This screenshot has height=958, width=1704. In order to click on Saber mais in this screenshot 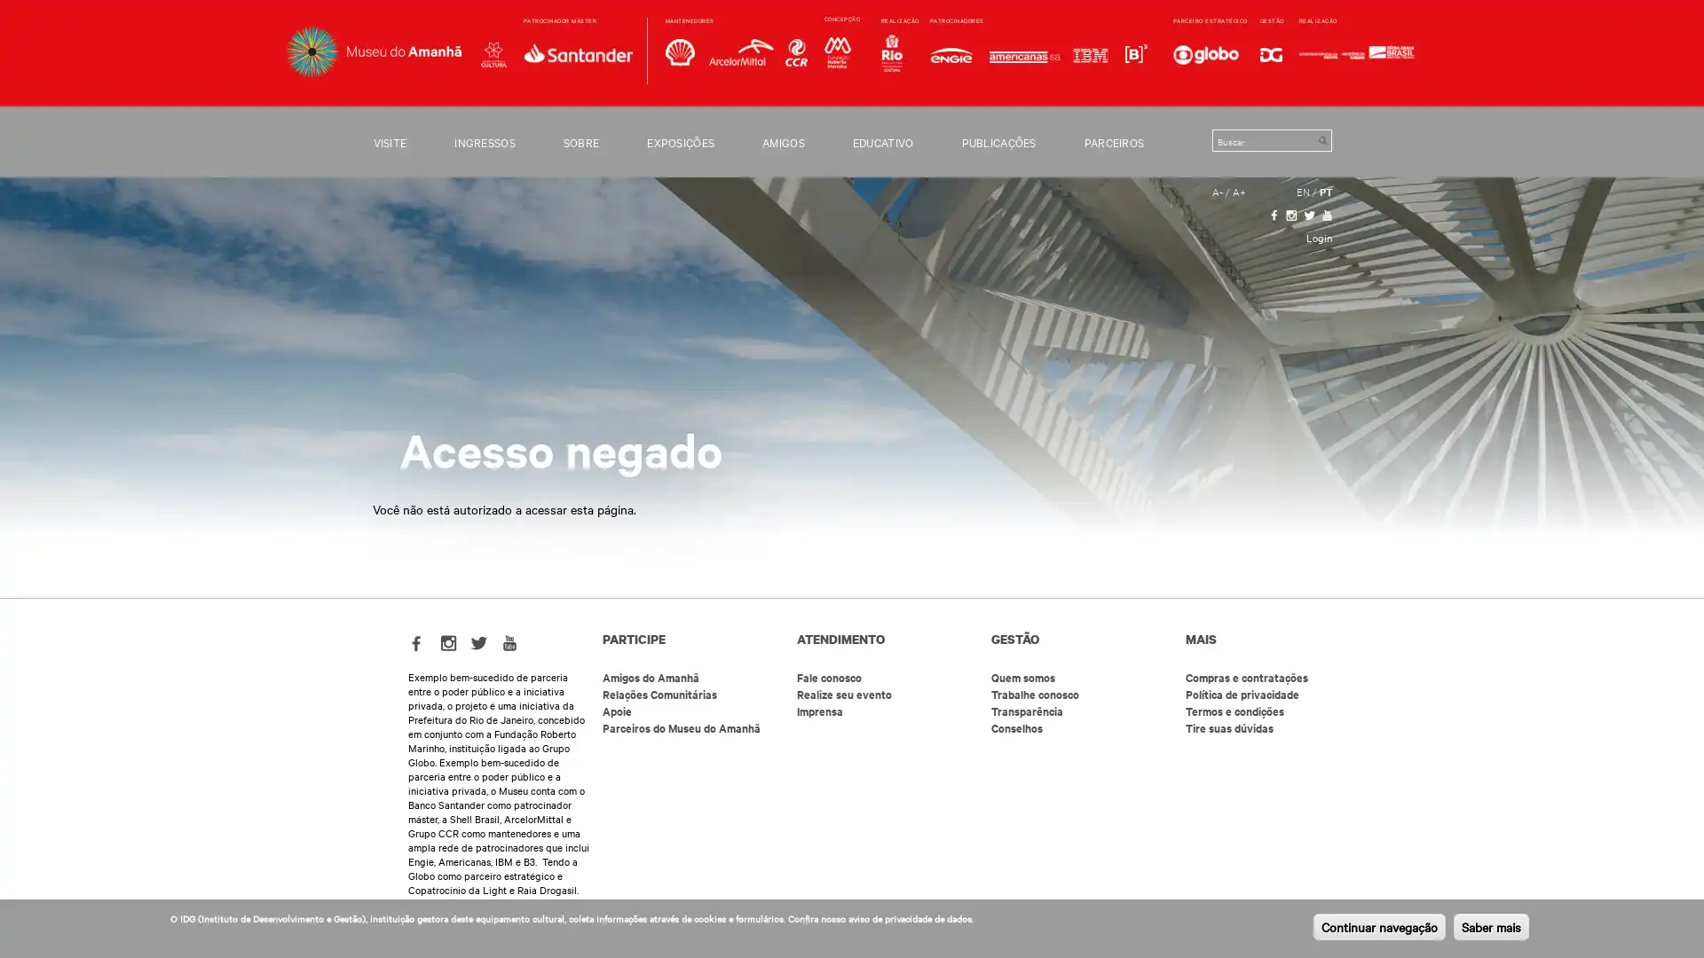, I will do `click(1491, 926)`.